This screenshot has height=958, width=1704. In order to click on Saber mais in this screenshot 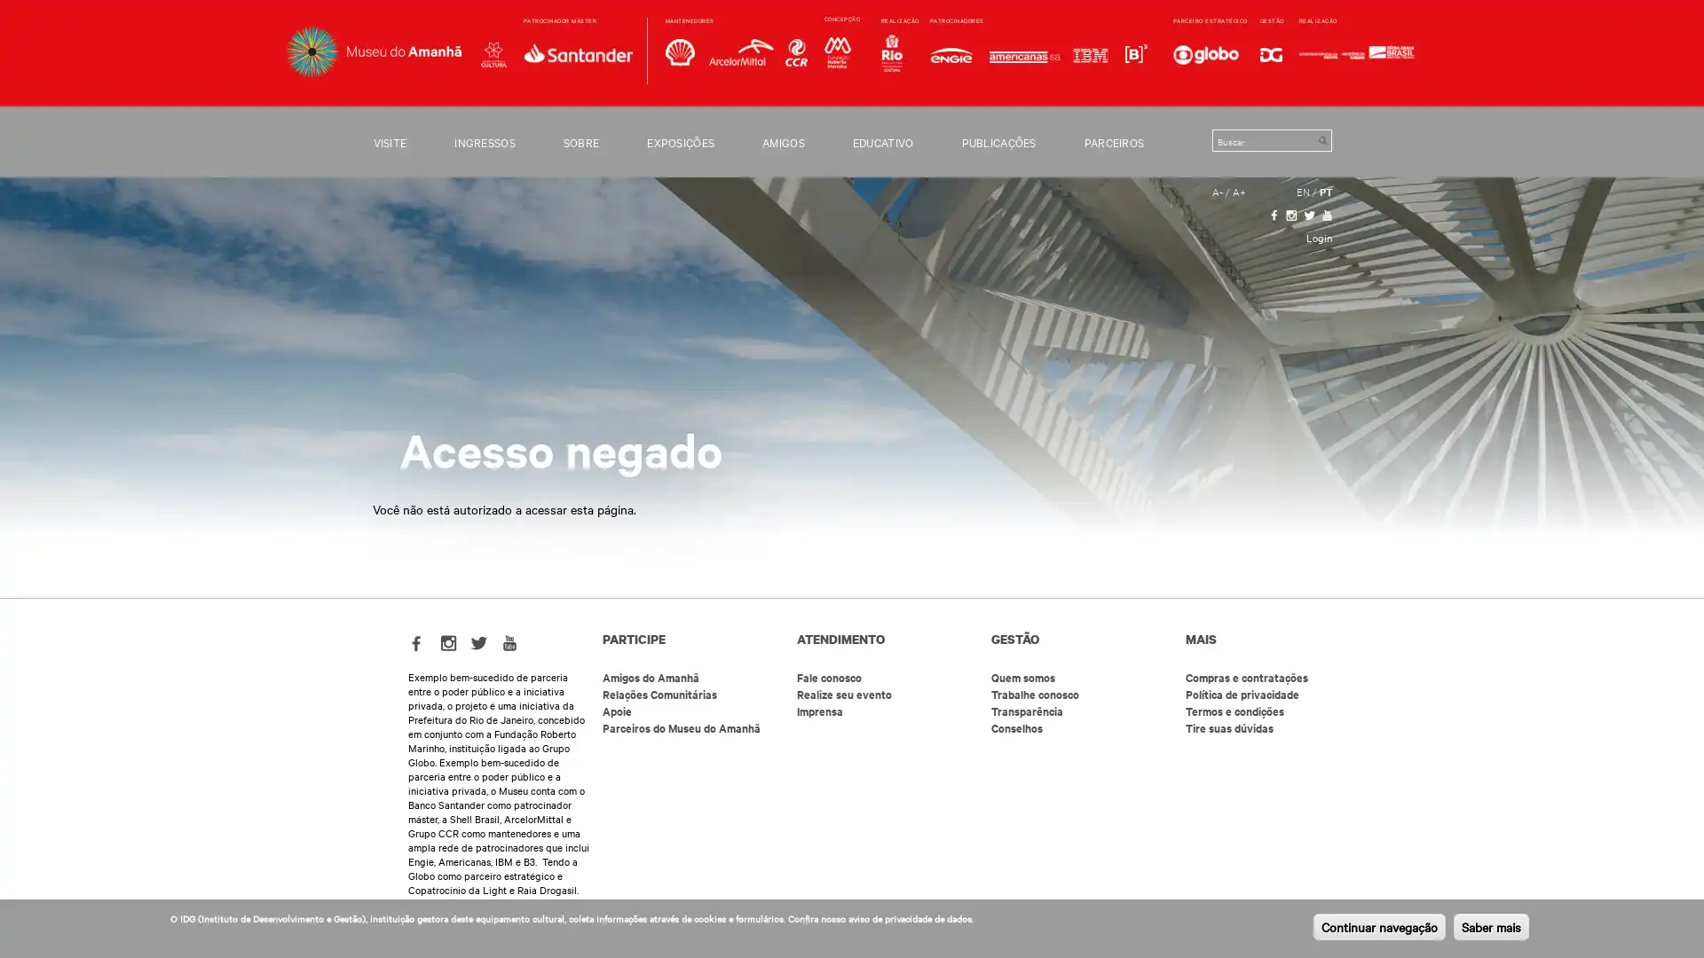, I will do `click(1491, 926)`.